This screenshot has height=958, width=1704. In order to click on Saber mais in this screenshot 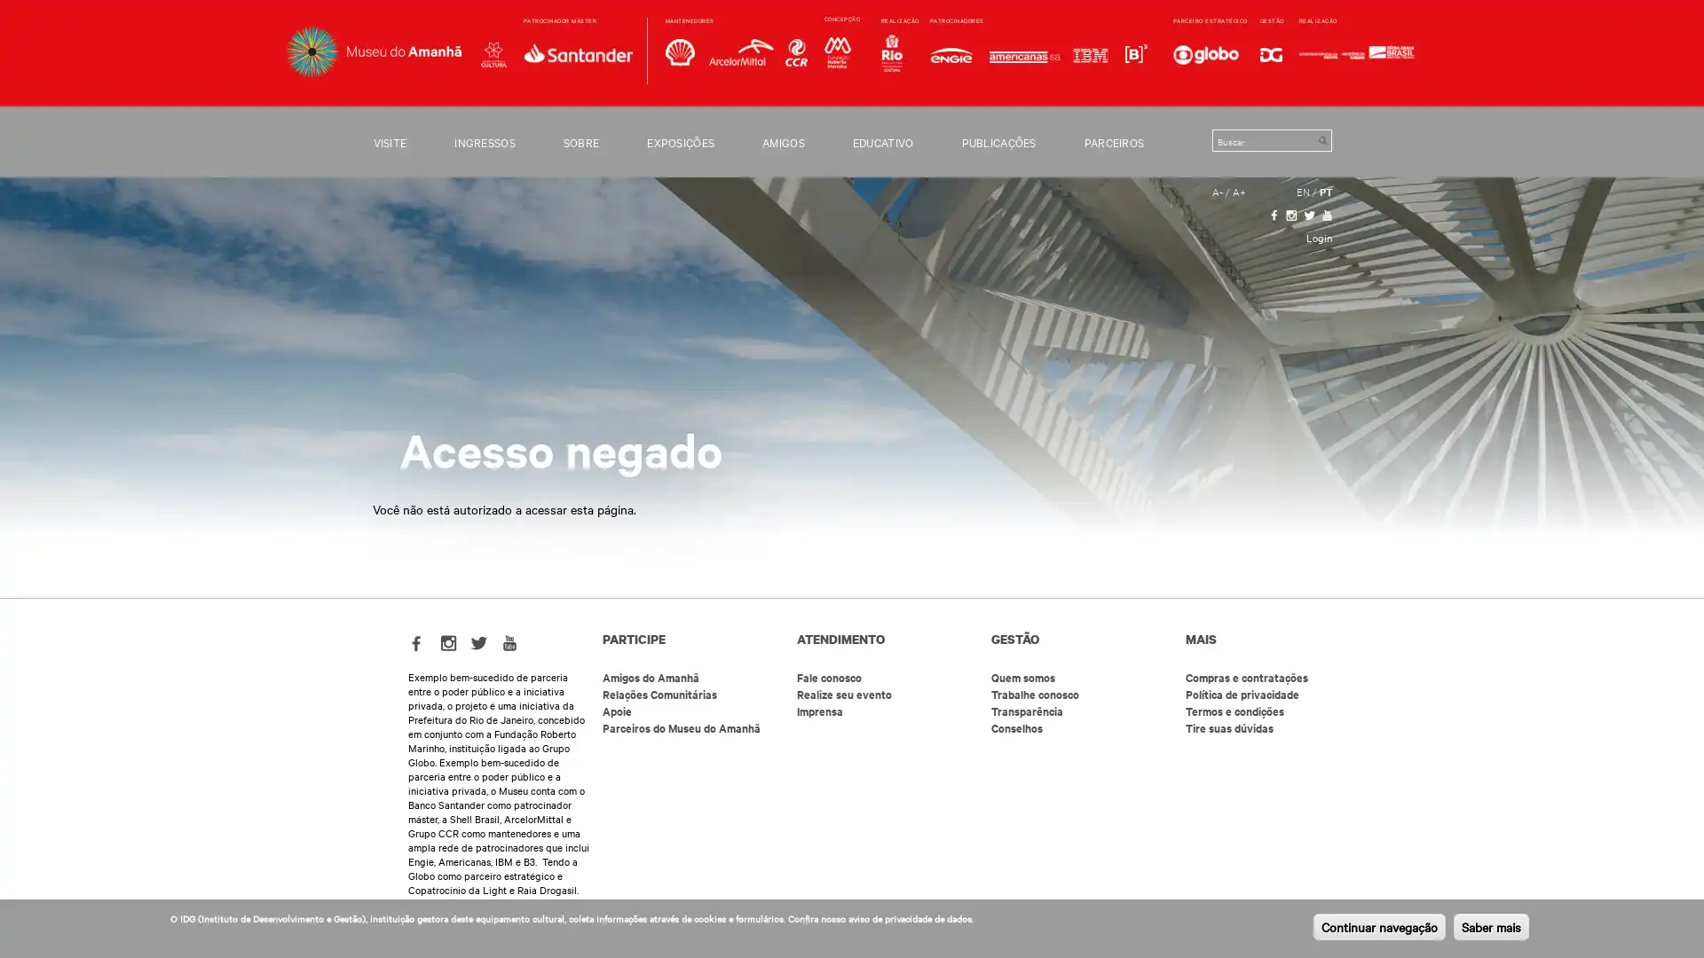, I will do `click(1491, 926)`.